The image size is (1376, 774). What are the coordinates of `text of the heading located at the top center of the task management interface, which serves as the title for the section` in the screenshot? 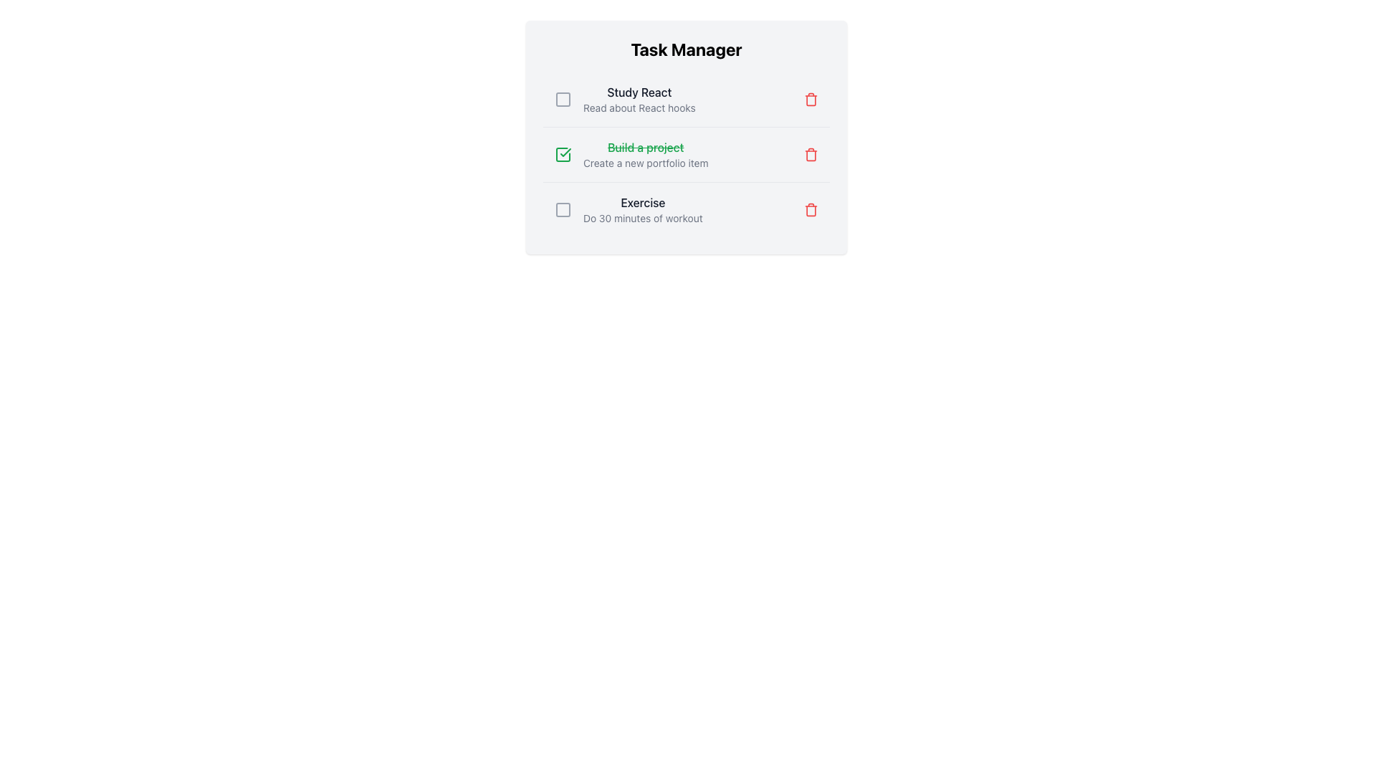 It's located at (686, 49).